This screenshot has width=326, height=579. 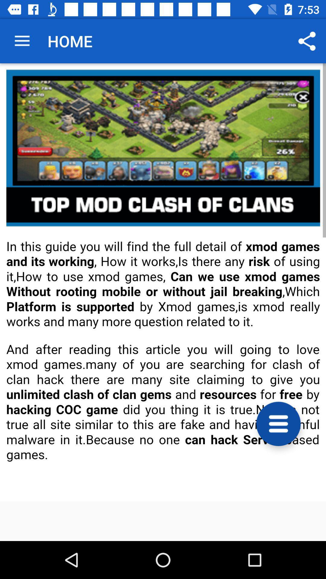 I want to click on open menu, so click(x=278, y=423).